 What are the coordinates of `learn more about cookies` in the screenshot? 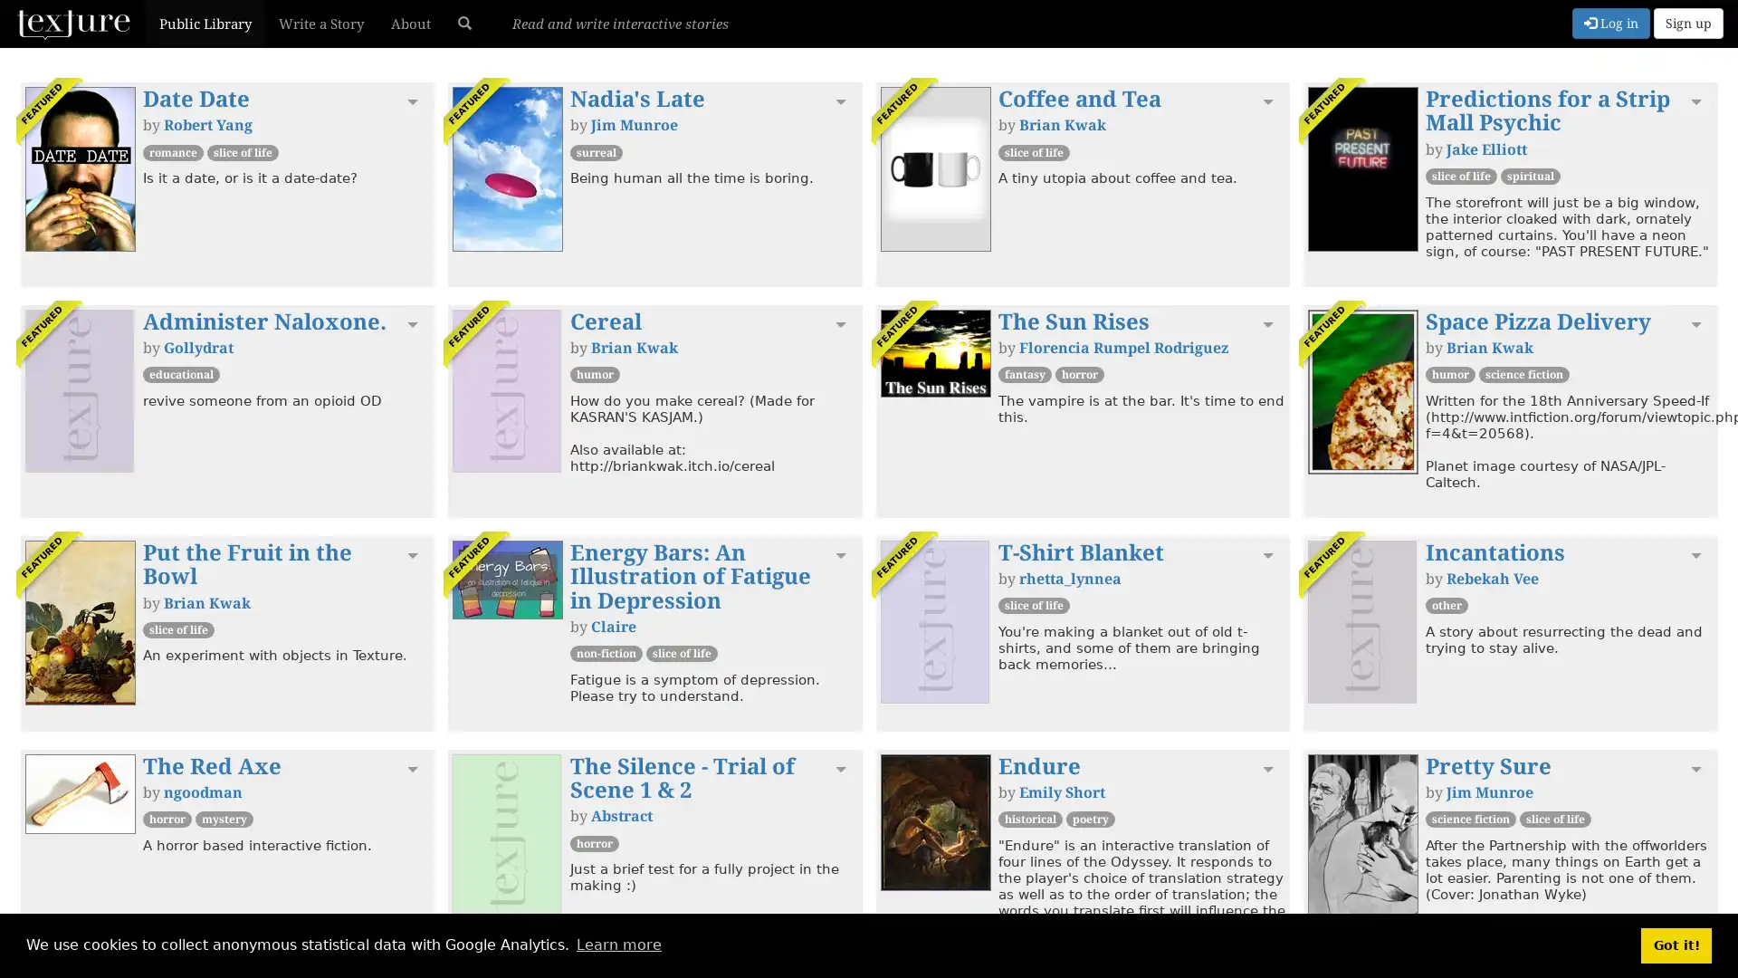 It's located at (618, 944).